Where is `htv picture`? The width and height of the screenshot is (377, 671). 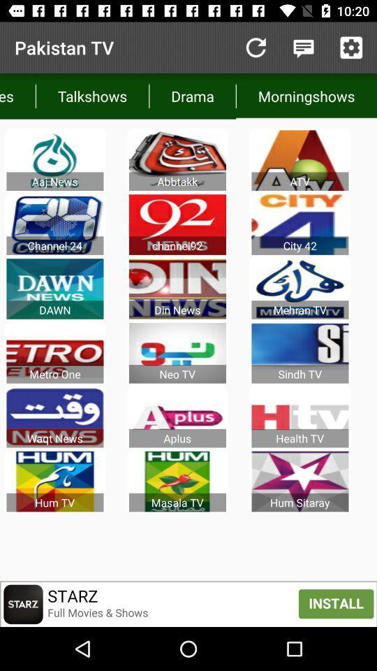 htv picture is located at coordinates (300, 417).